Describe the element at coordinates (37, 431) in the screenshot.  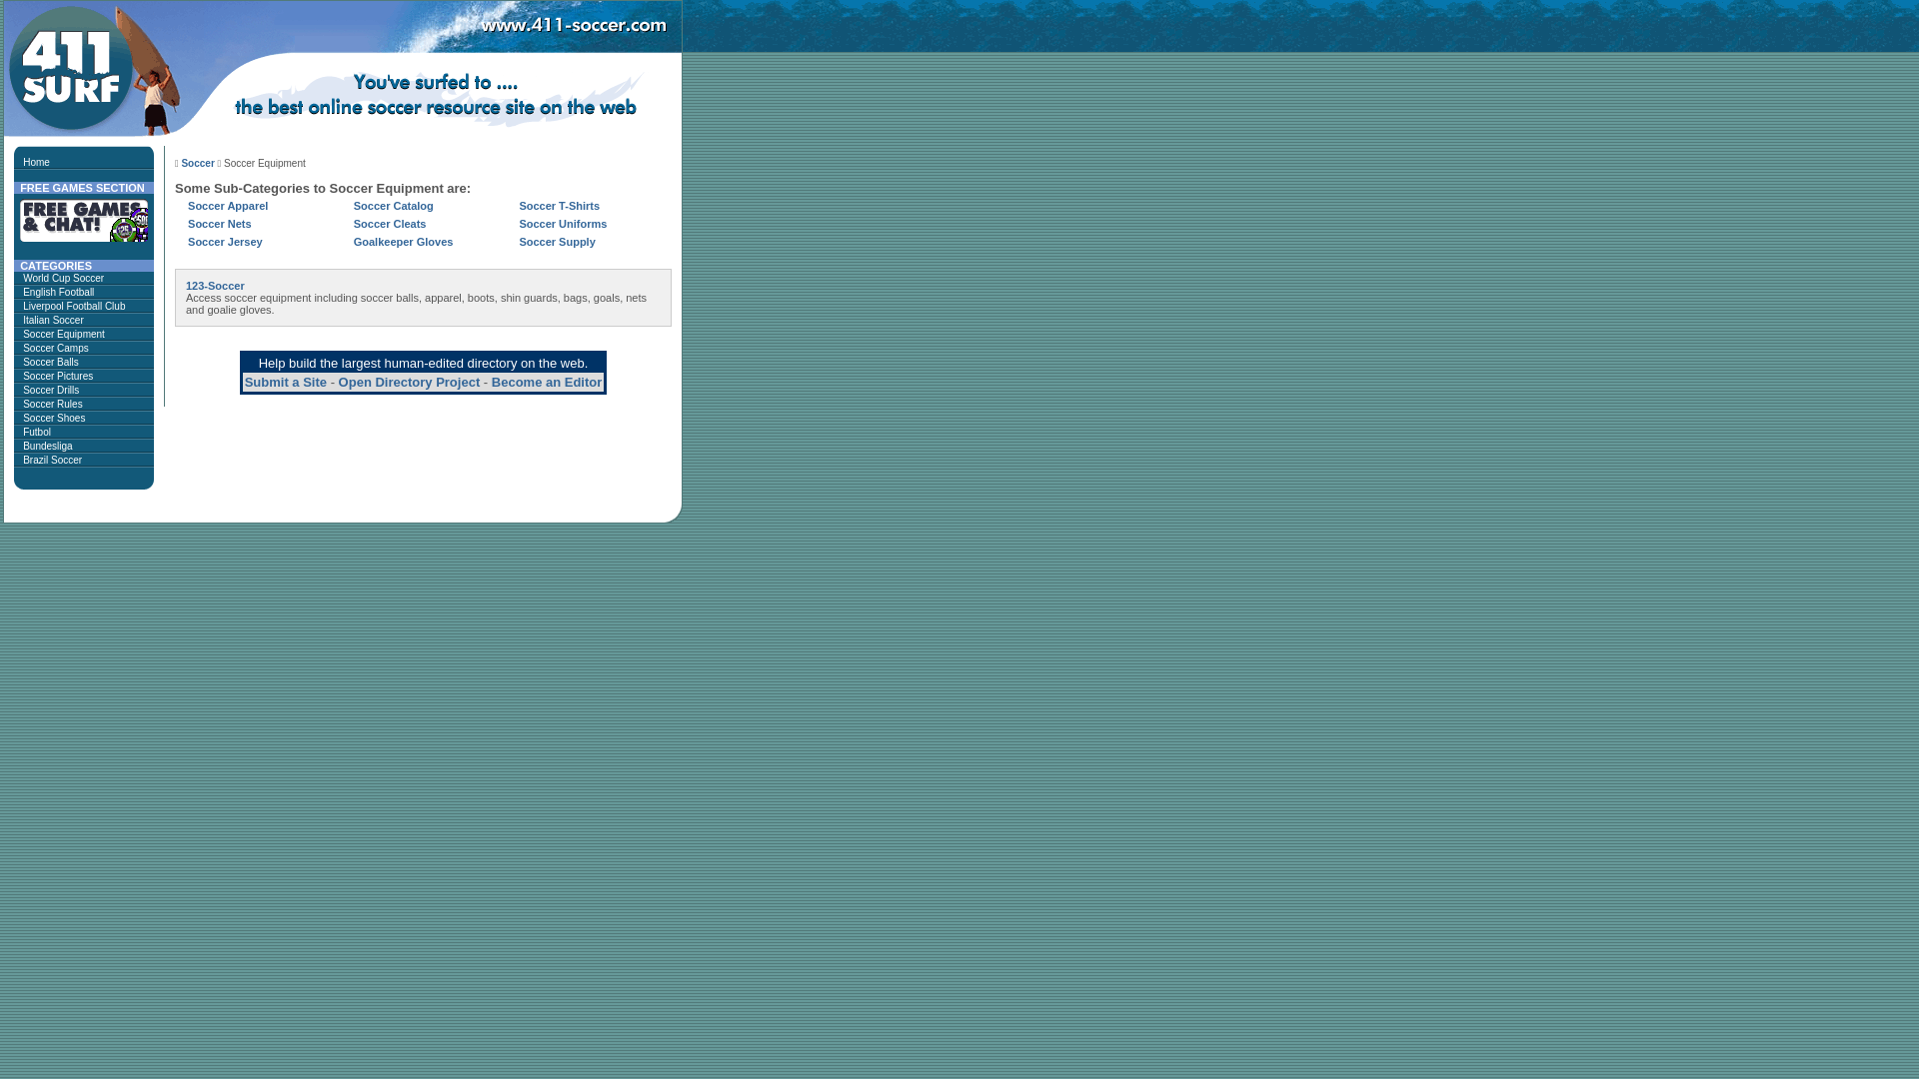
I see `'Futbol'` at that location.